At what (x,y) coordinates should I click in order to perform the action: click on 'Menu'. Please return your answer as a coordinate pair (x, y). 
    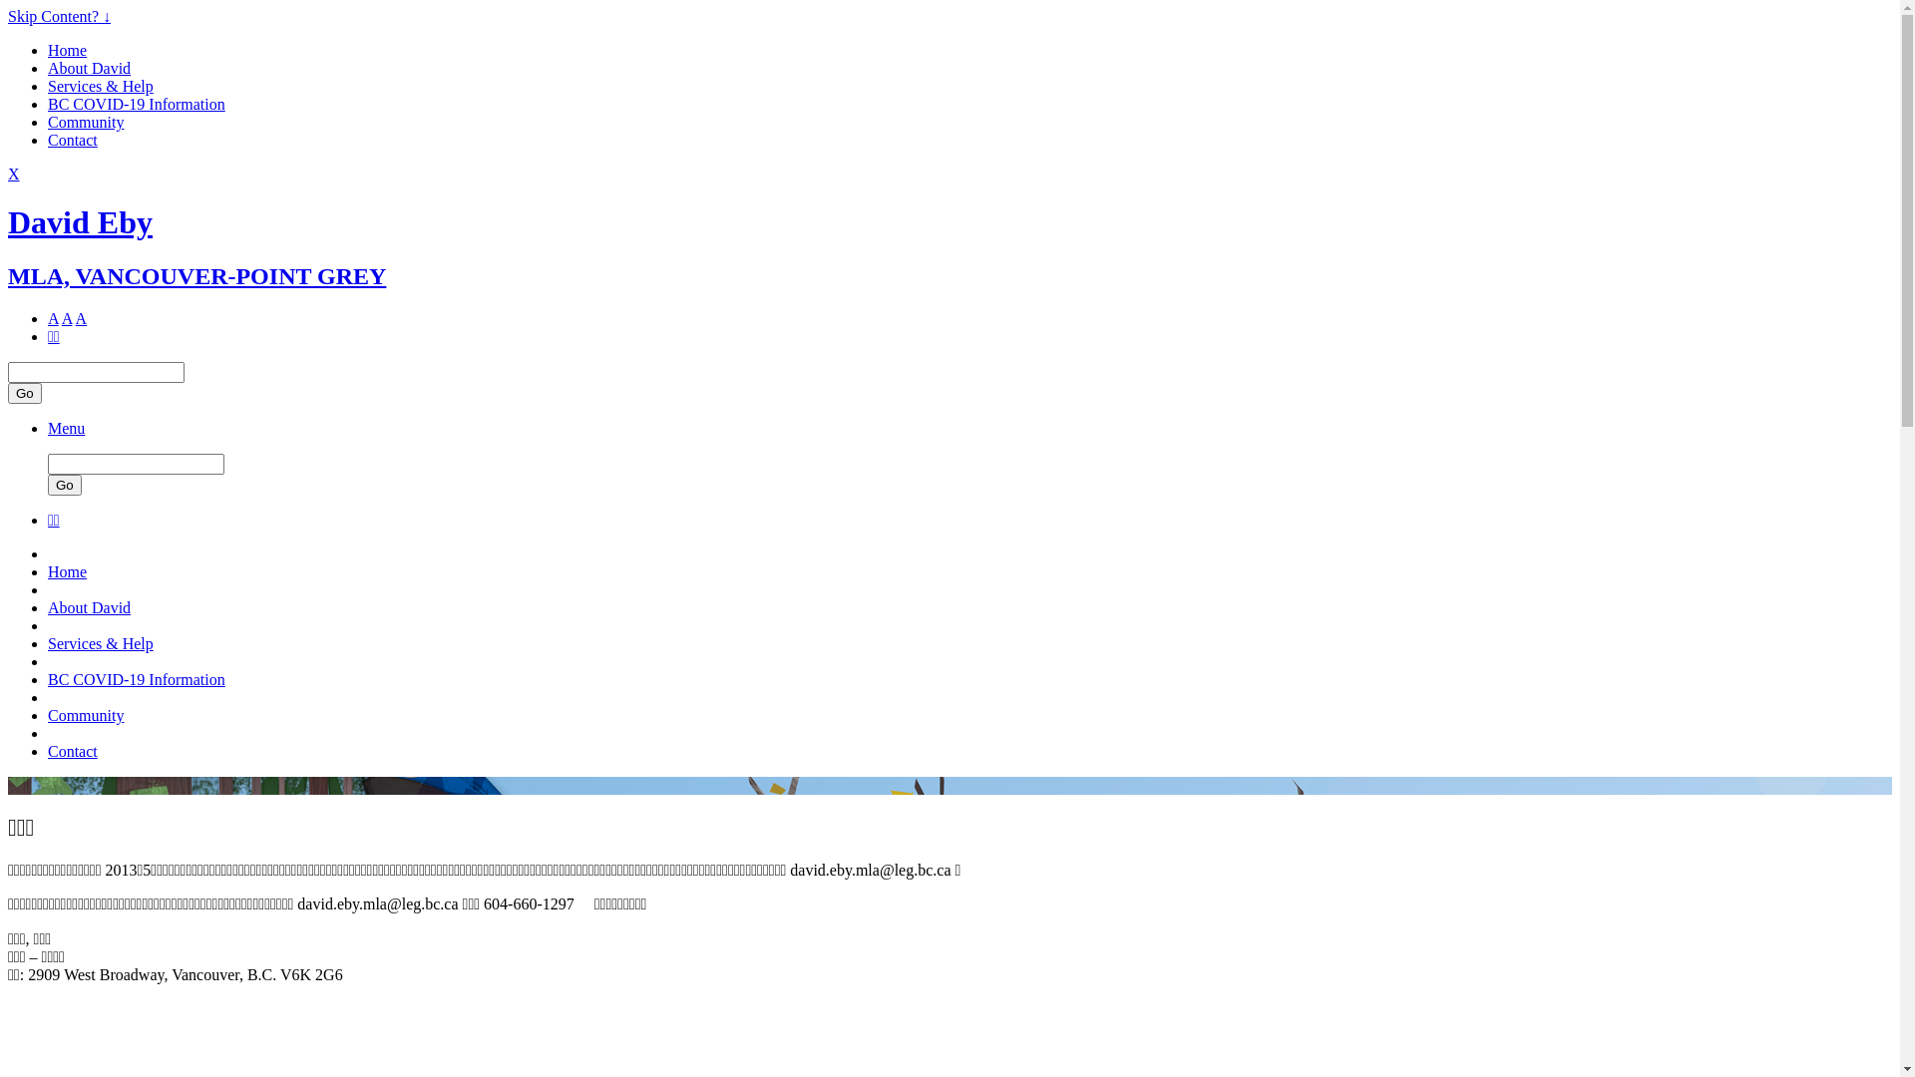
    Looking at the image, I should click on (66, 427).